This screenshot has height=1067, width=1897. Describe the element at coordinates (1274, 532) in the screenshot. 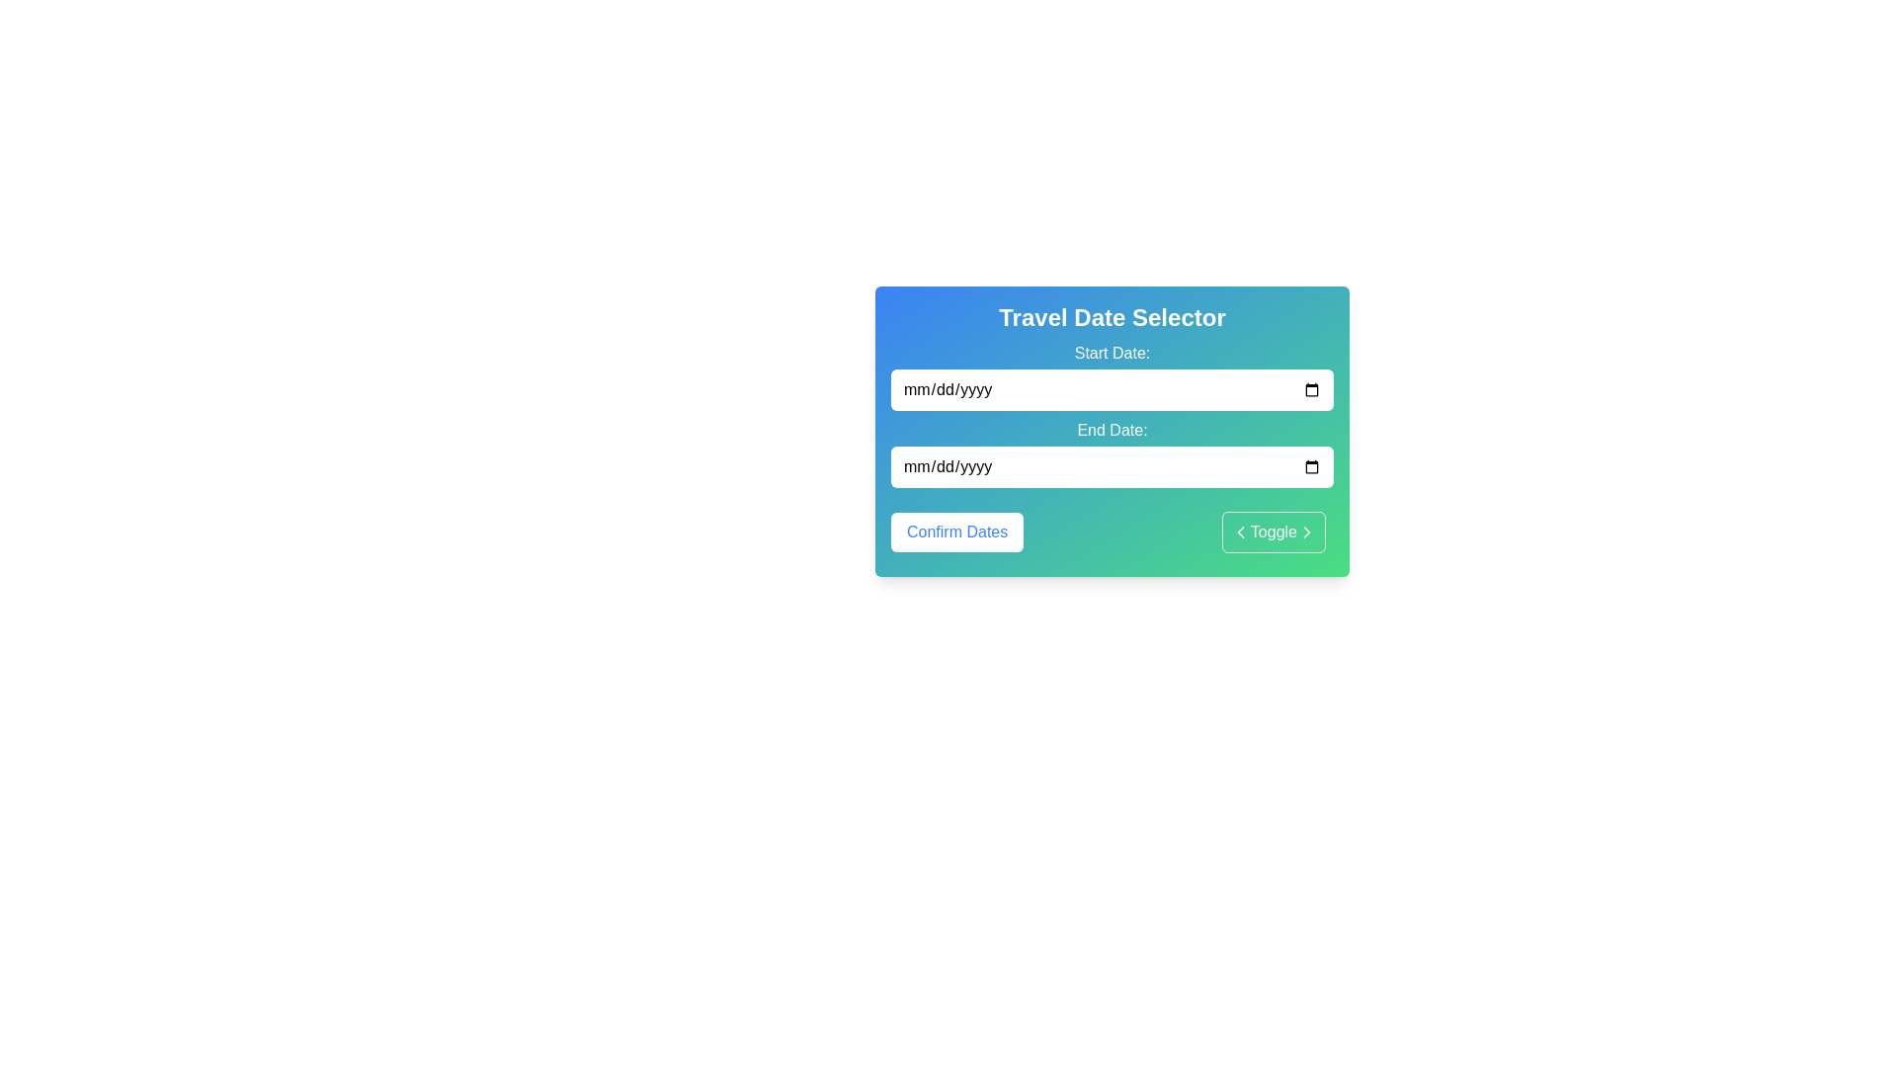

I see `the rectangular toggle button with a green background and the word 'Toggle' centered in white, located in the bottom-right portion of the panel, adjacent to the 'Confirm Dates' button` at that location.